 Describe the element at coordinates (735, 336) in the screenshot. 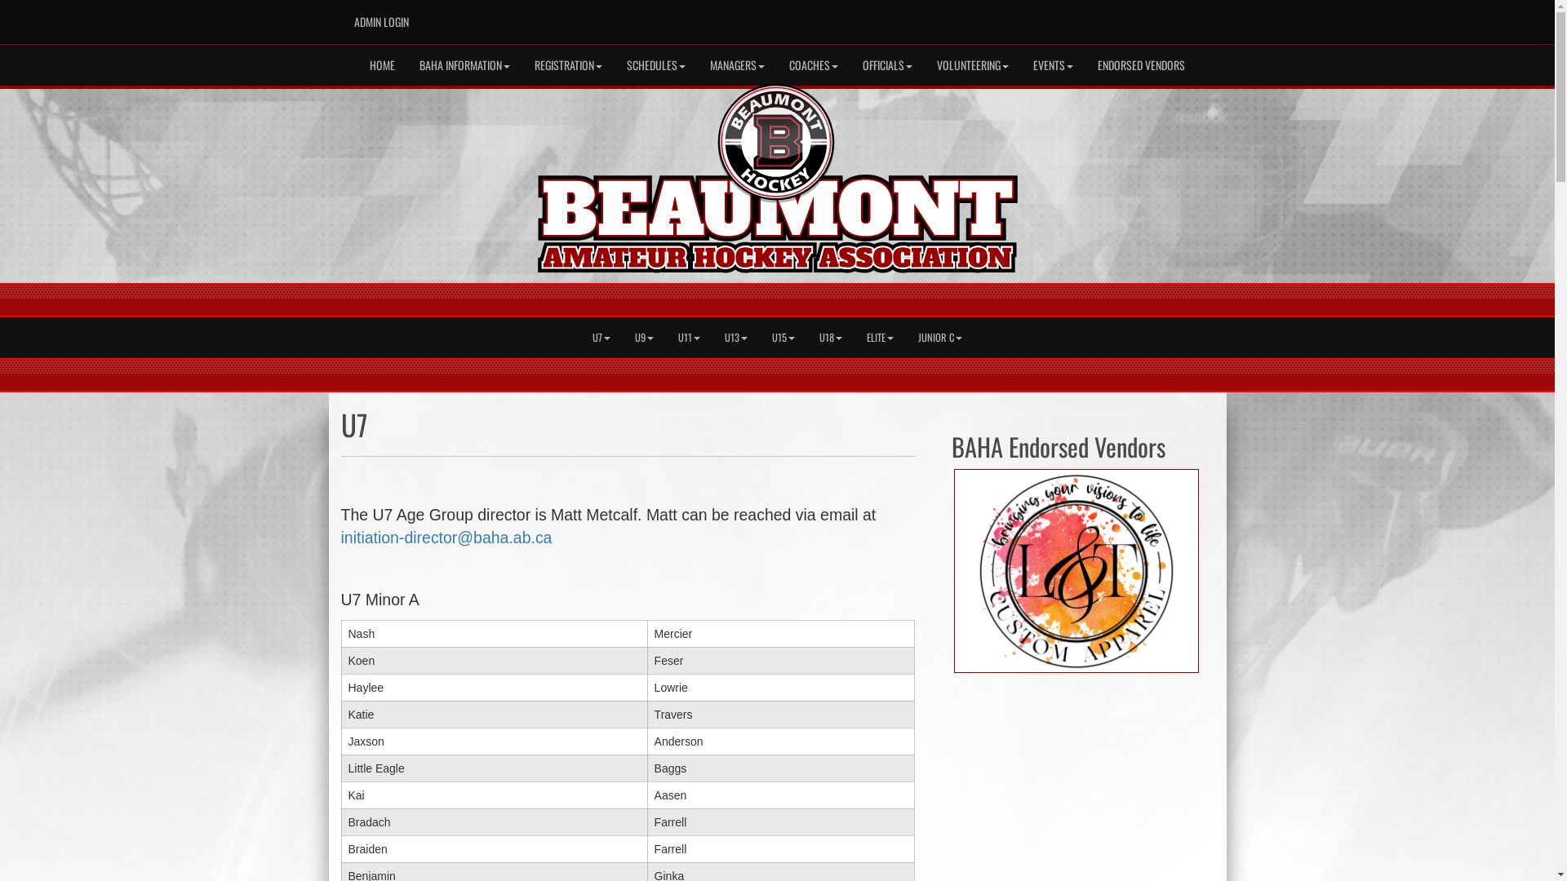

I see `'U13'` at that location.